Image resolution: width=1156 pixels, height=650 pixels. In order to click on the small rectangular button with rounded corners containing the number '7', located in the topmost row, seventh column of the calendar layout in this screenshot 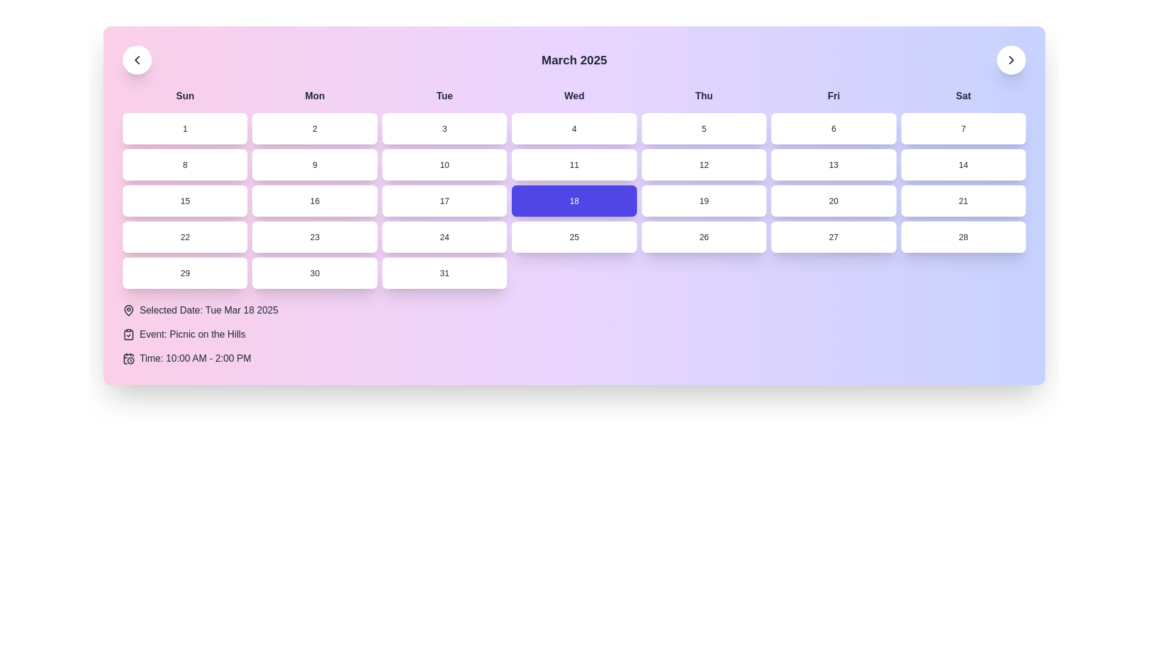, I will do `click(963, 128)`.